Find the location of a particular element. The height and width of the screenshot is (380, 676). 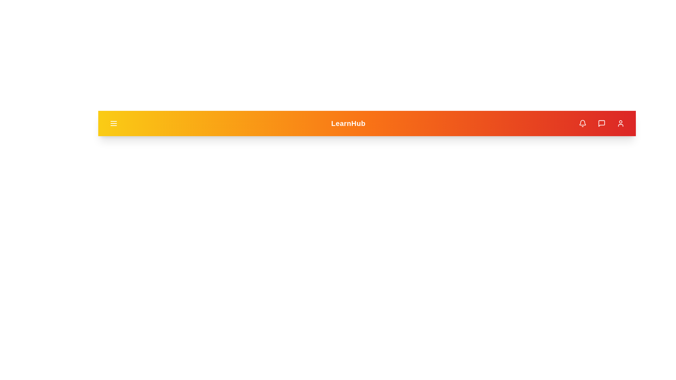

the menu button to toggle the menu is located at coordinates (113, 123).